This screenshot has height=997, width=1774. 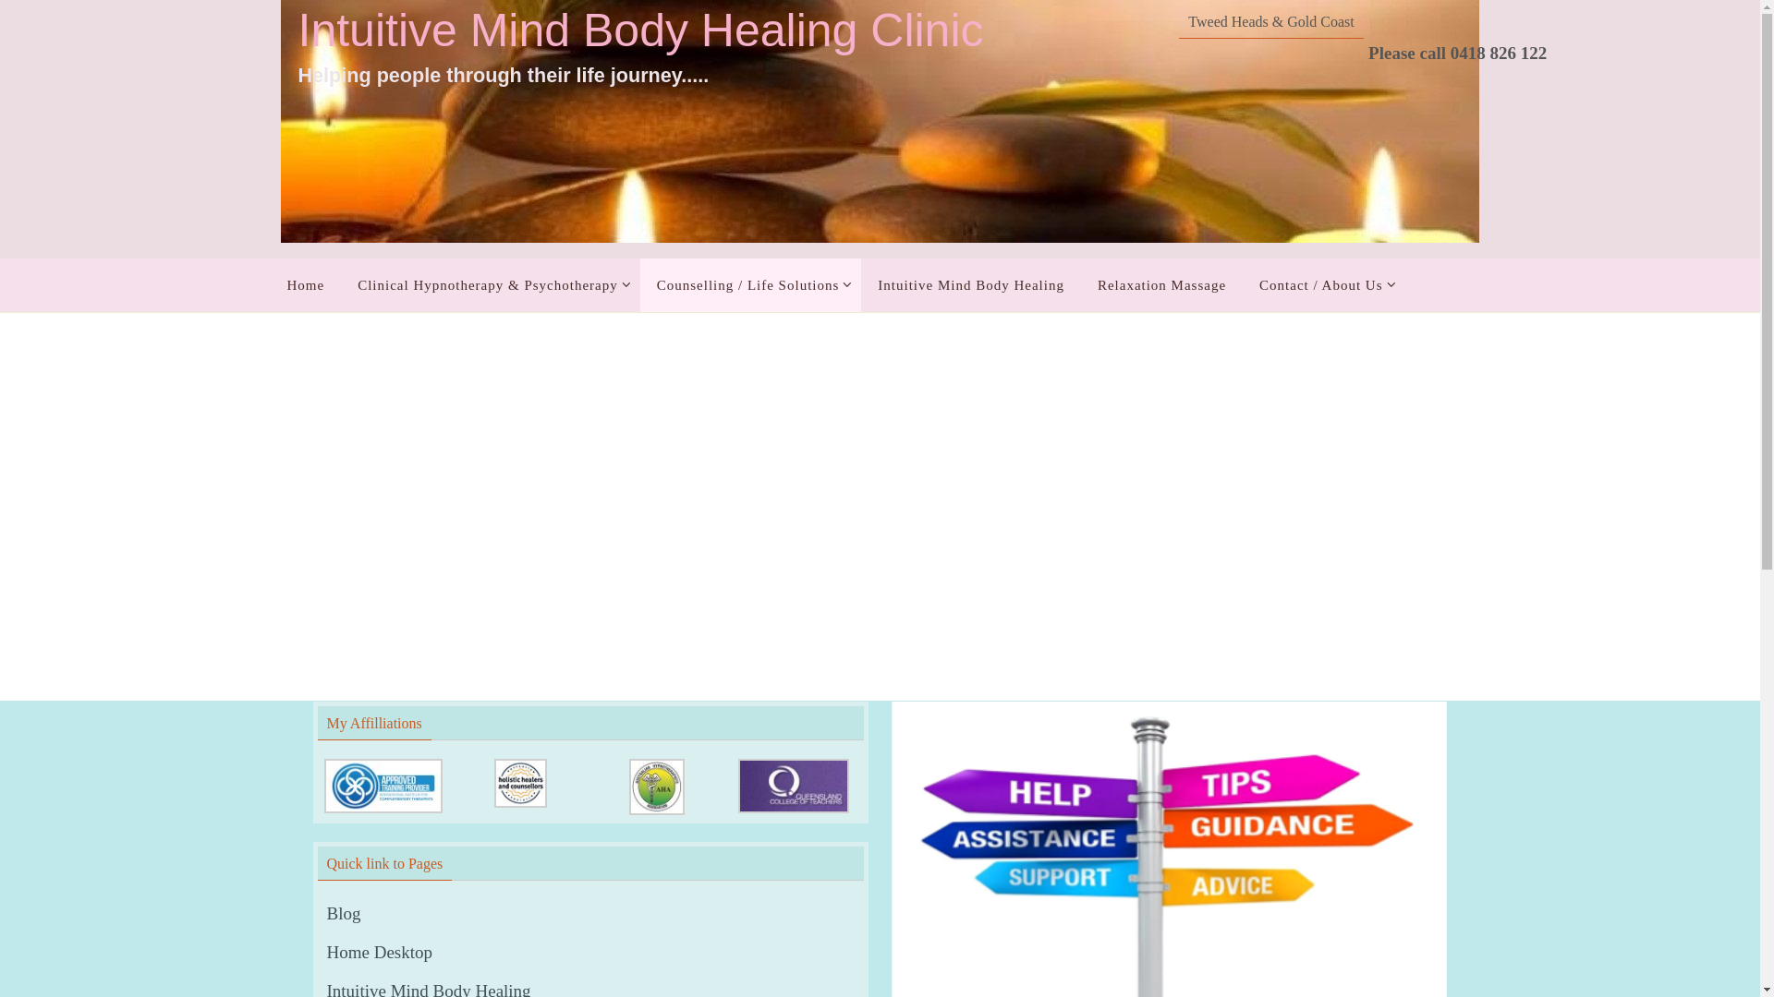 What do you see at coordinates (305, 284) in the screenshot?
I see `'Home'` at bounding box center [305, 284].